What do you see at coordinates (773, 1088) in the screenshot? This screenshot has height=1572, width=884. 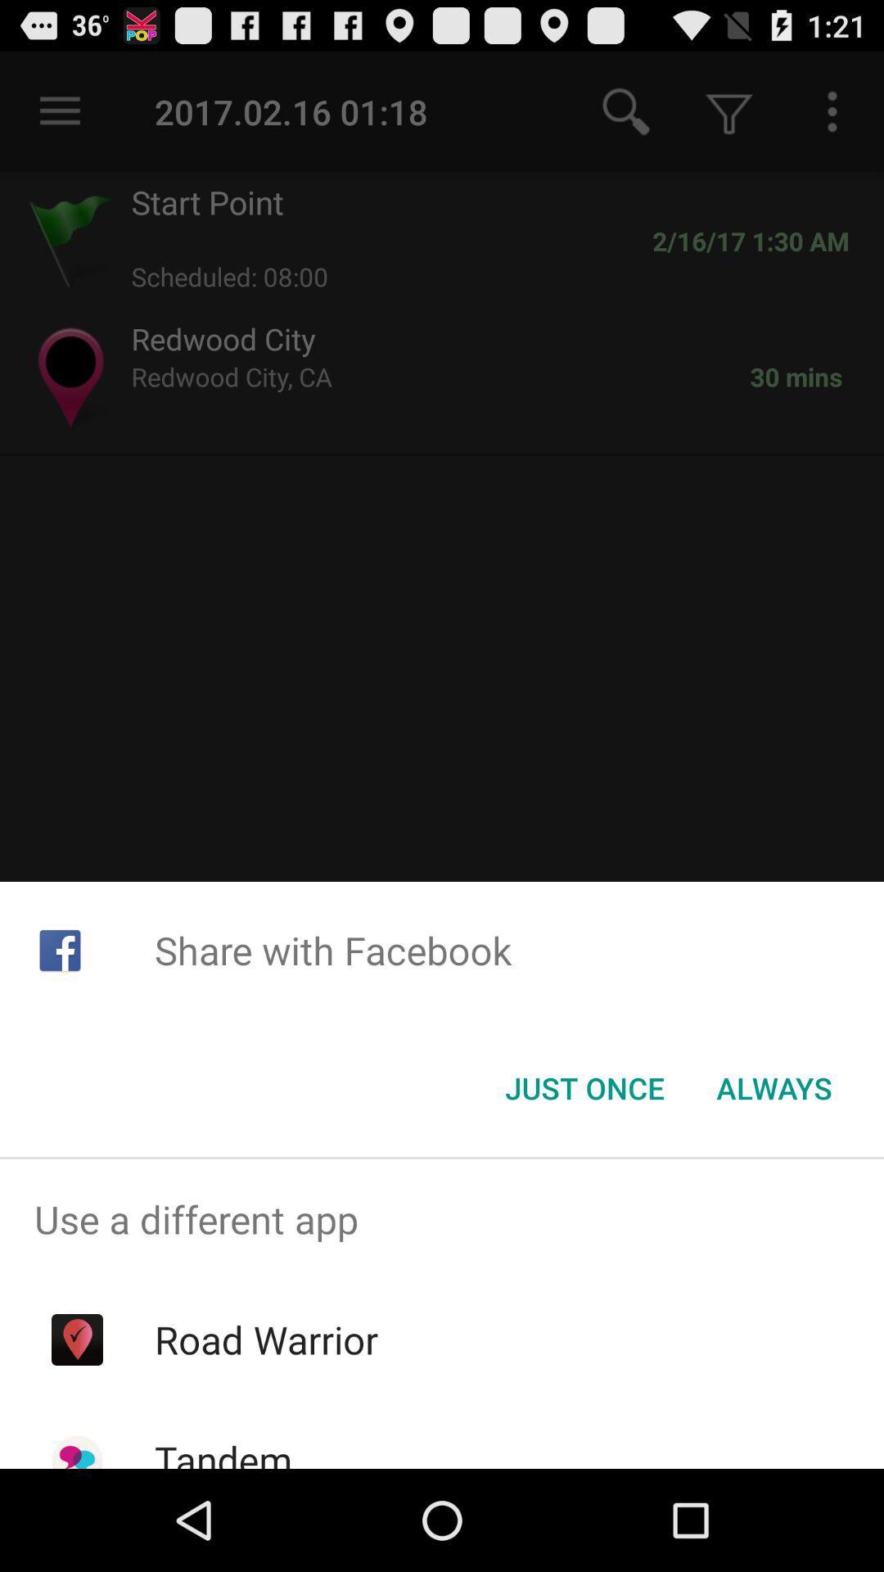 I see `item next to just once icon` at bounding box center [773, 1088].